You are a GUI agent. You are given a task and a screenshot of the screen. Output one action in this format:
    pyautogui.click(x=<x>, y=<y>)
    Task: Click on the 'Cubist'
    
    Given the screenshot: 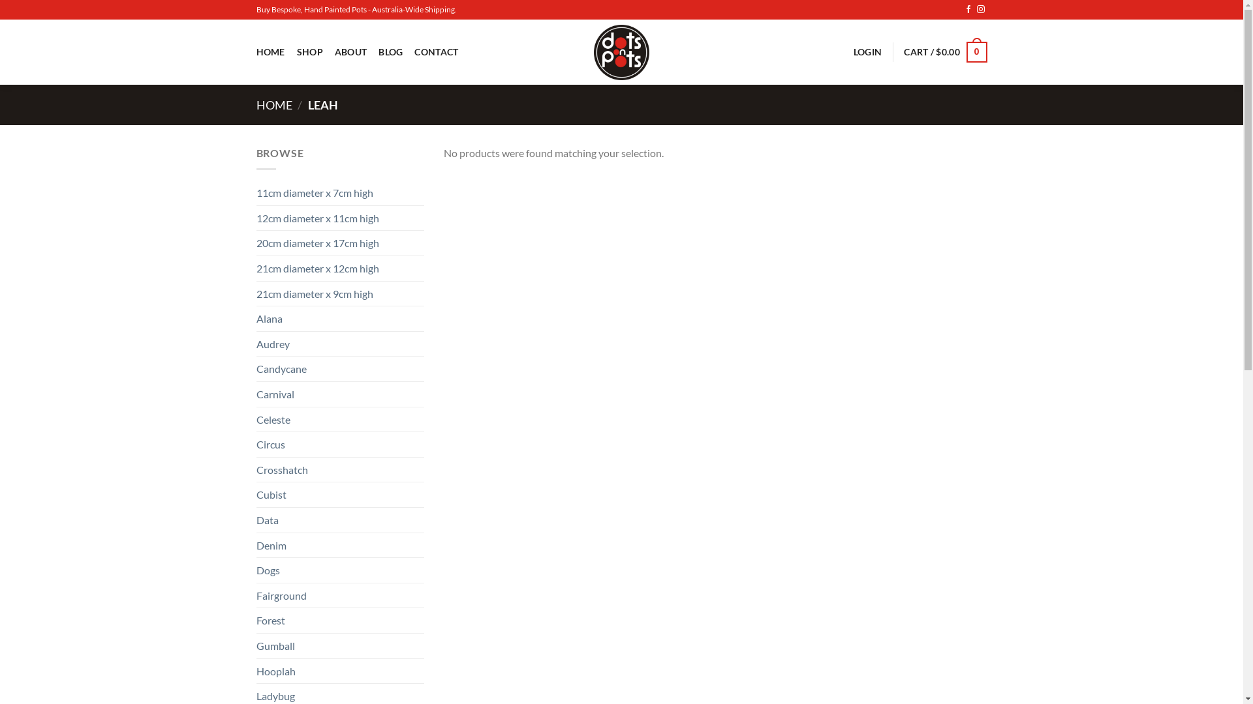 What is the action you would take?
    pyautogui.click(x=340, y=495)
    